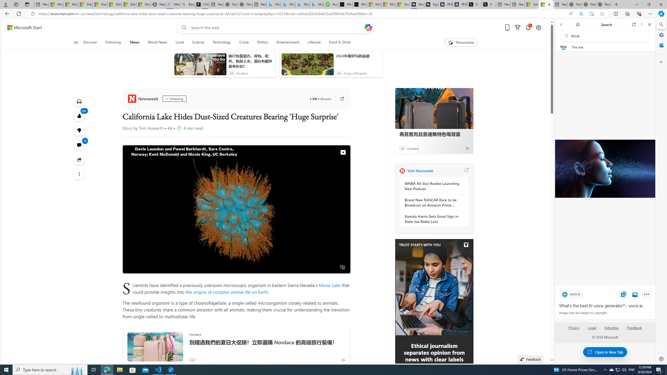 This screenshot has width=667, height=375. What do you see at coordinates (202, 4) in the screenshot?
I see `'Chloe Sorvino'` at bounding box center [202, 4].